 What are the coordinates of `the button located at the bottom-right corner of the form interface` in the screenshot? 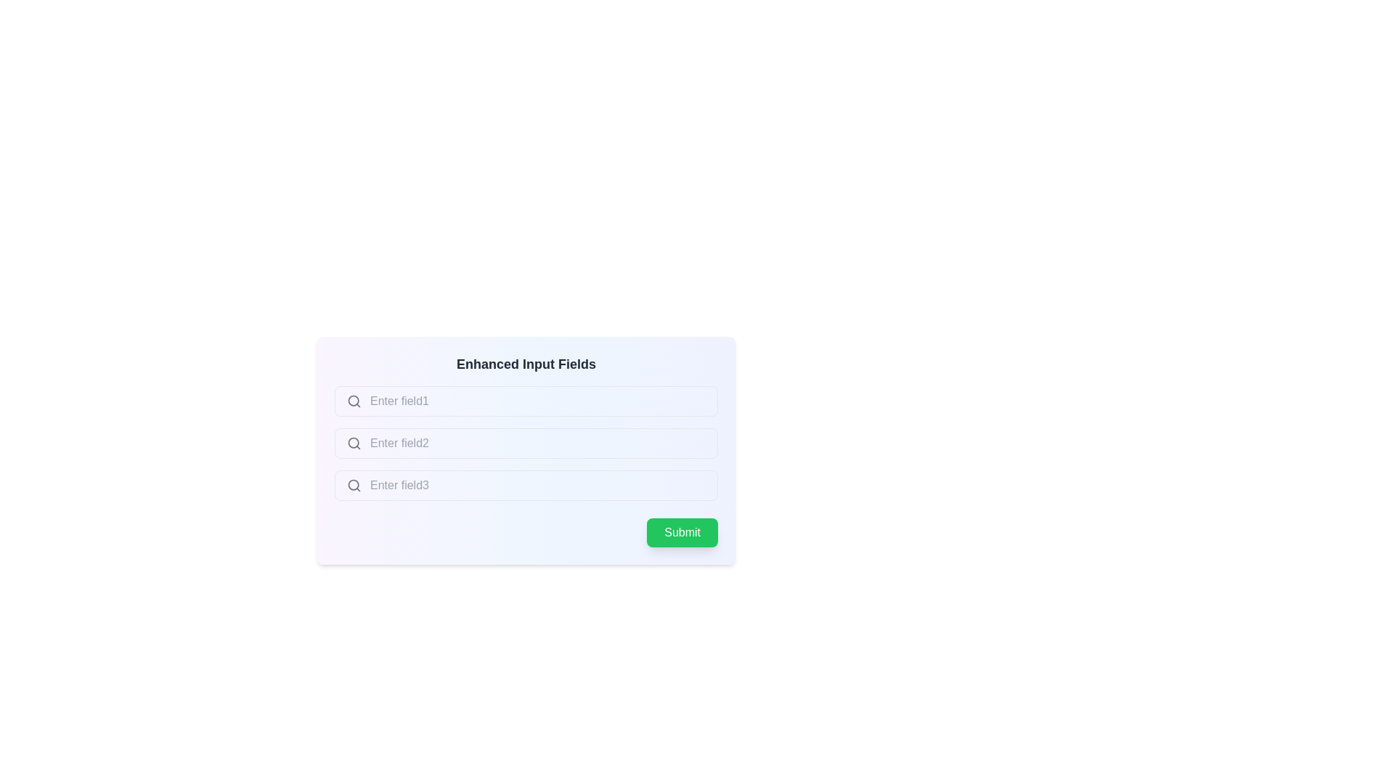 It's located at (682, 532).